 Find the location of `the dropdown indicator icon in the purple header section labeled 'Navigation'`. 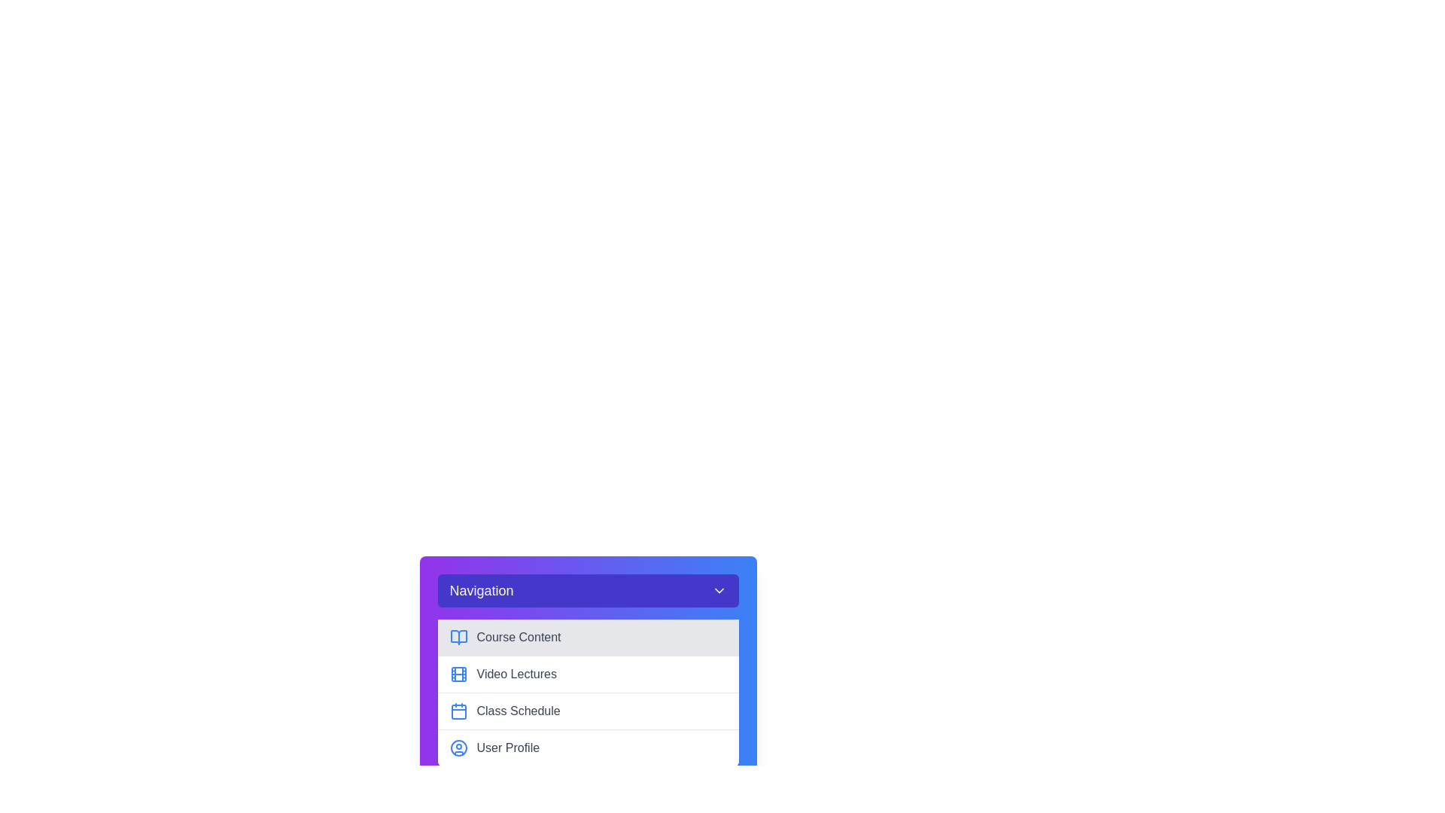

the dropdown indicator icon in the purple header section labeled 'Navigation' is located at coordinates (718, 590).